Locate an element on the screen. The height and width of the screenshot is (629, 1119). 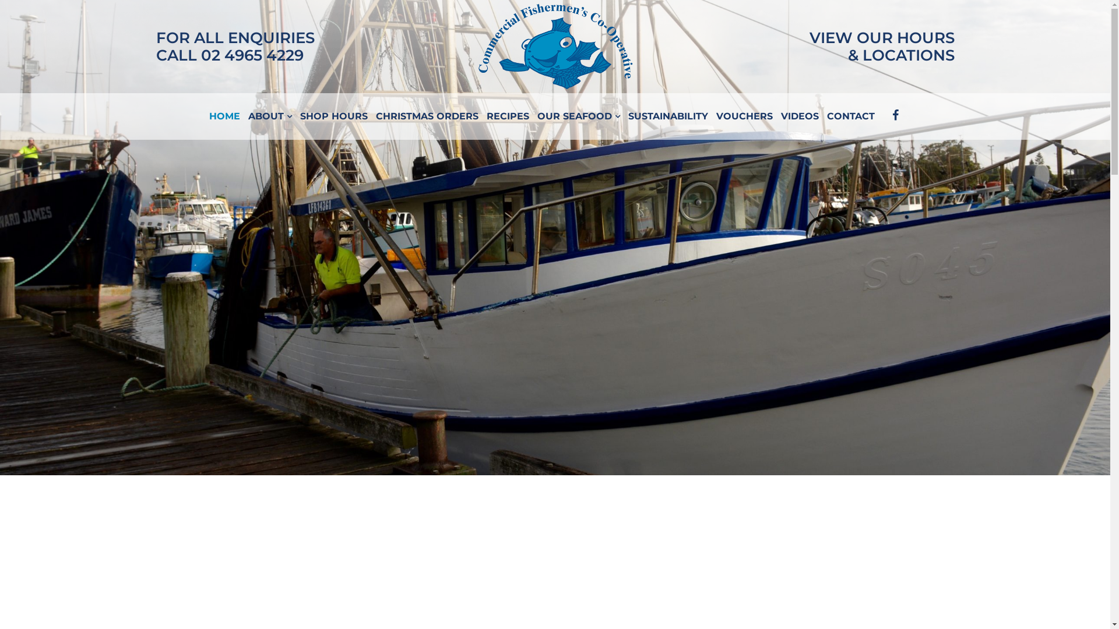
'VIDEOS' is located at coordinates (799, 116).